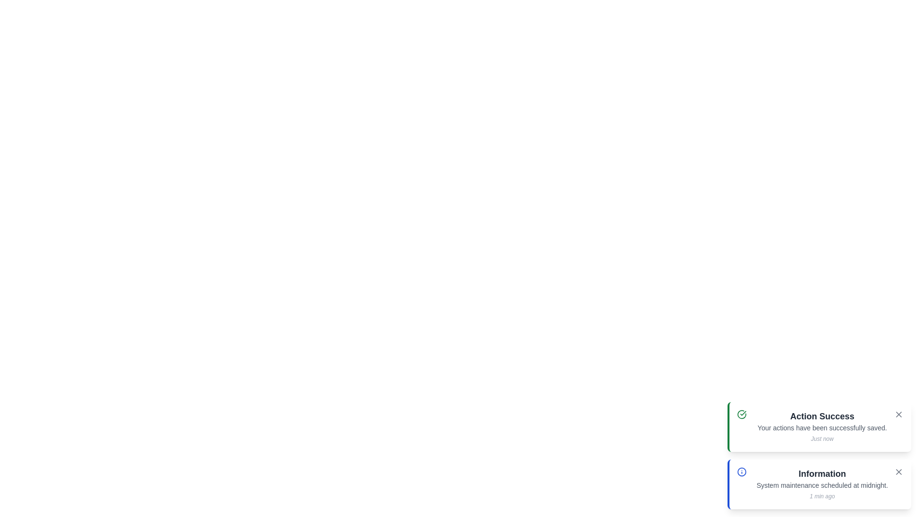 The height and width of the screenshot is (517, 919). What do you see at coordinates (741, 414) in the screenshot?
I see `the notification of type 'success' by clicking on its icon` at bounding box center [741, 414].